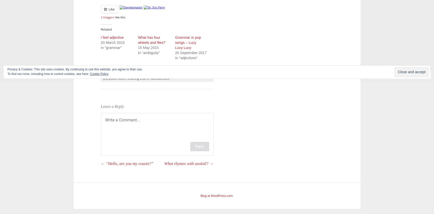 This screenshot has width=434, height=214. What do you see at coordinates (168, 72) in the screenshot?
I see `'grammar'` at bounding box center [168, 72].